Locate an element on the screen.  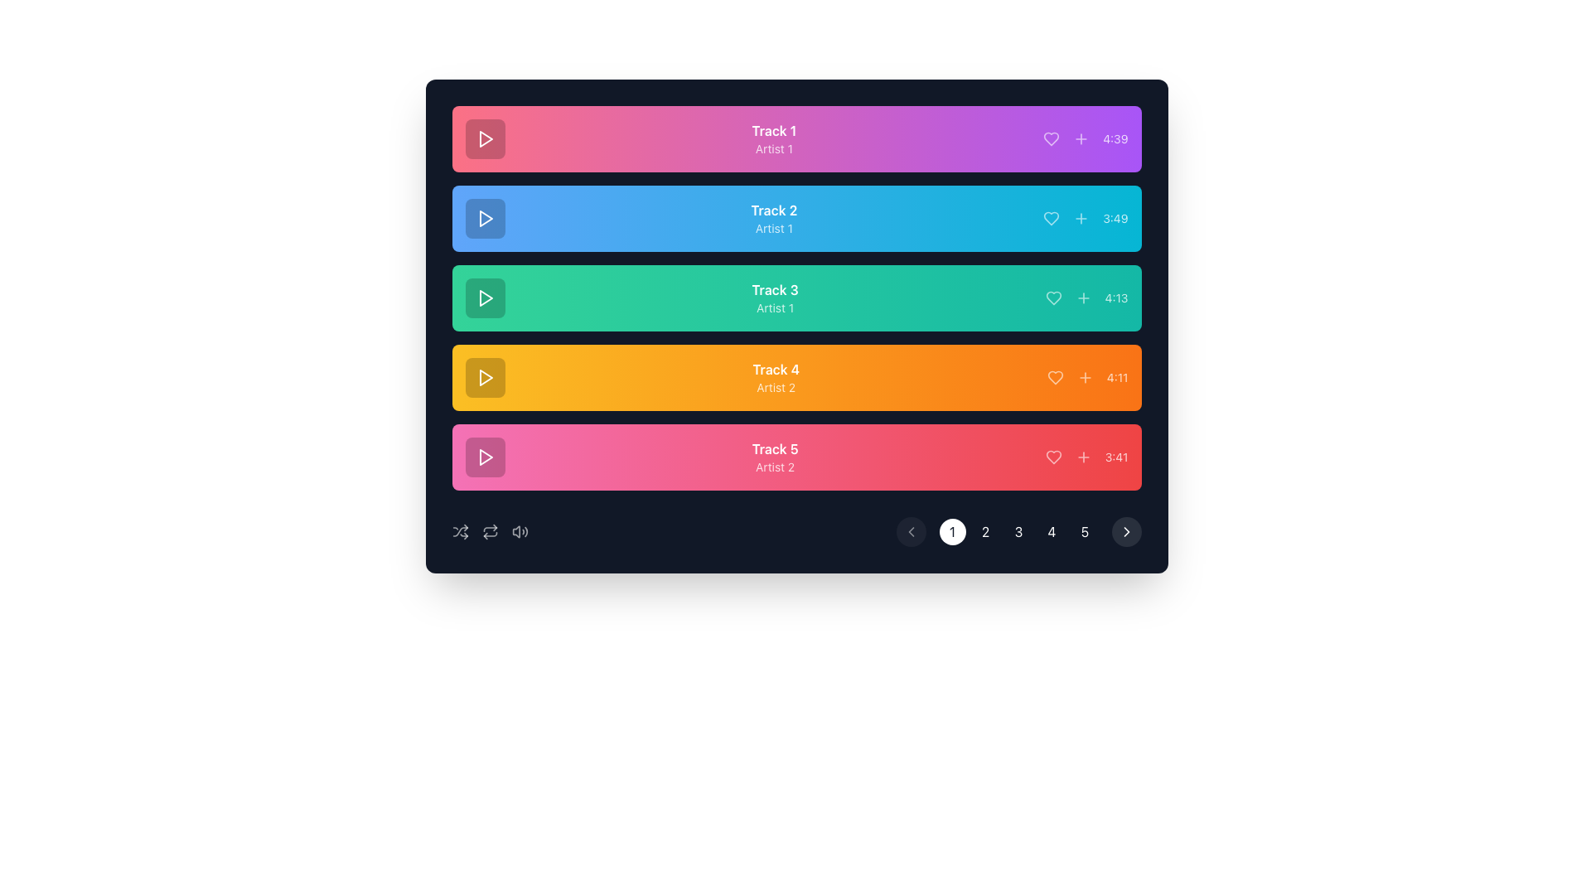
the rightmost button in the row of interactive icons at the bottom-right of the interface is located at coordinates (519, 531).